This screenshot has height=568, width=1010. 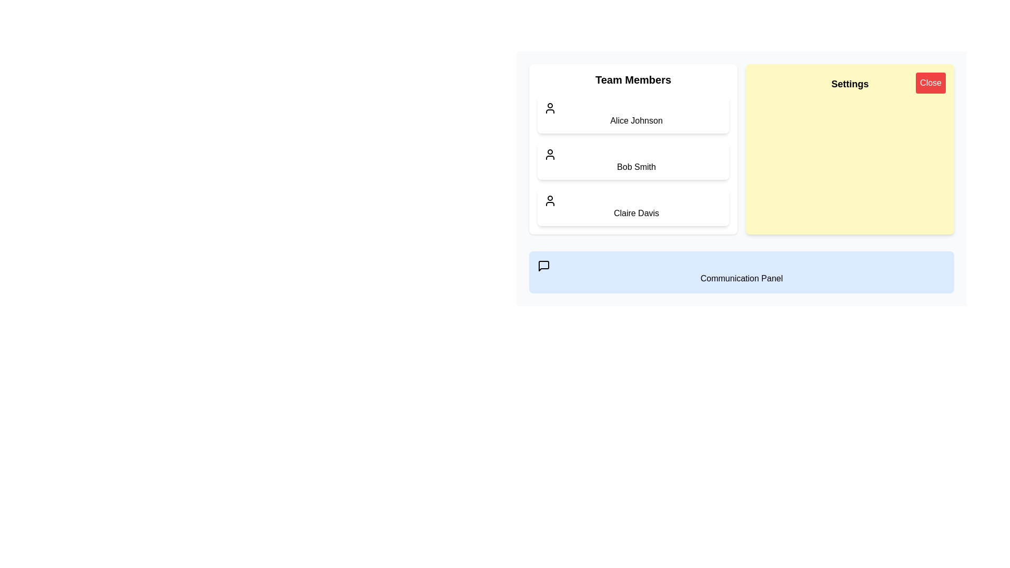 I want to click on text label that displays 'Team Members', which is a bold, large-font header positioned prominently at the top of the team members section, so click(x=633, y=79).